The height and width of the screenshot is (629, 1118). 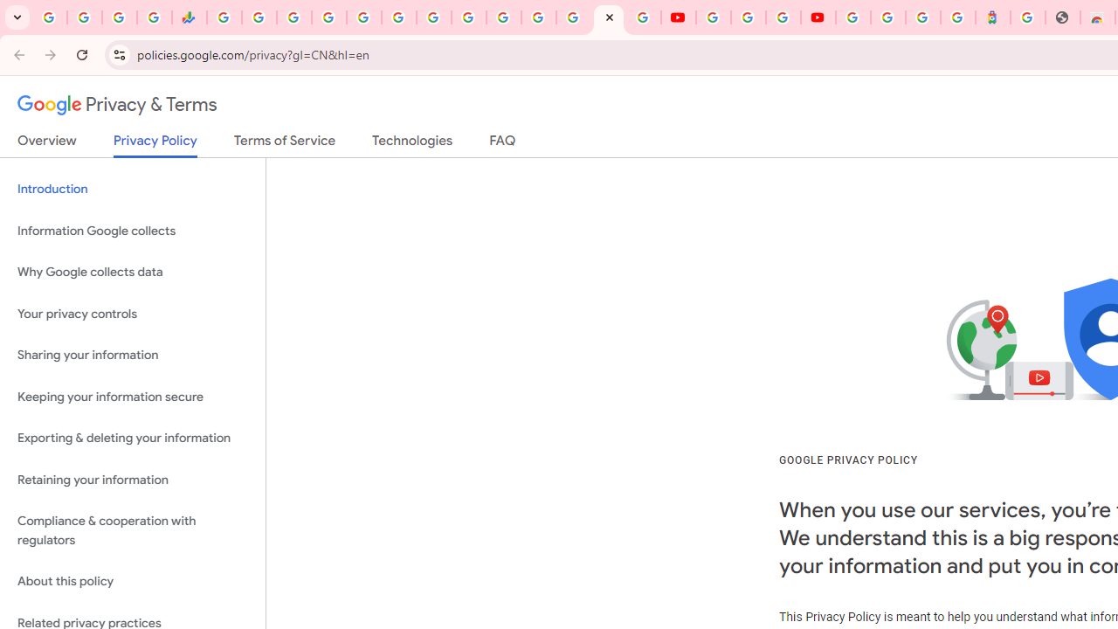 What do you see at coordinates (155, 144) in the screenshot?
I see `'Privacy Policy'` at bounding box center [155, 144].